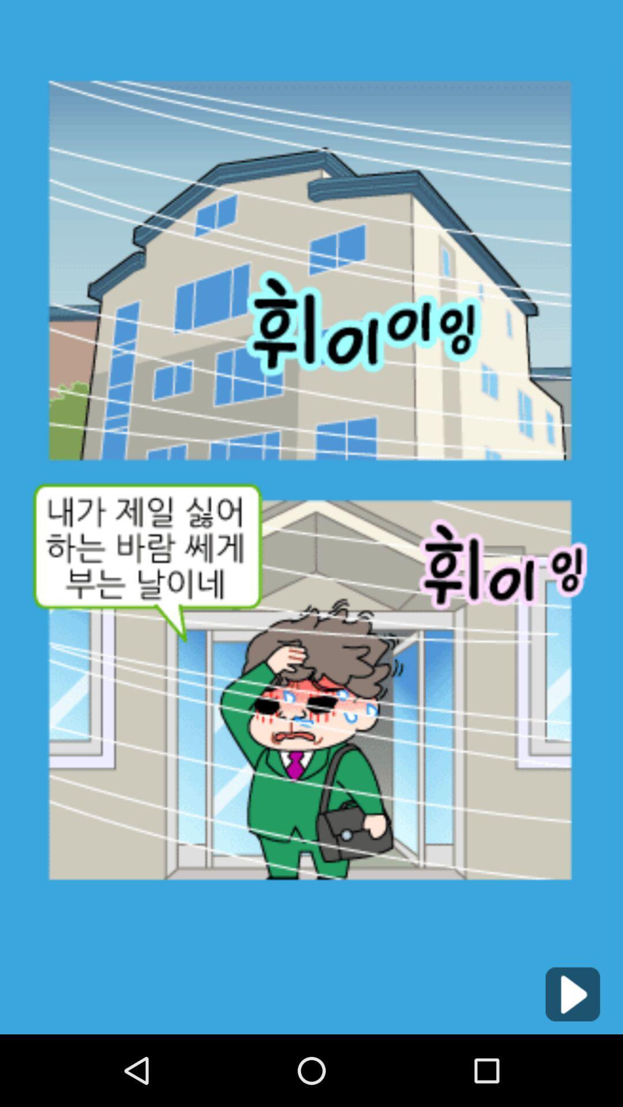  Describe the element at coordinates (572, 993) in the screenshot. I see `the video` at that location.